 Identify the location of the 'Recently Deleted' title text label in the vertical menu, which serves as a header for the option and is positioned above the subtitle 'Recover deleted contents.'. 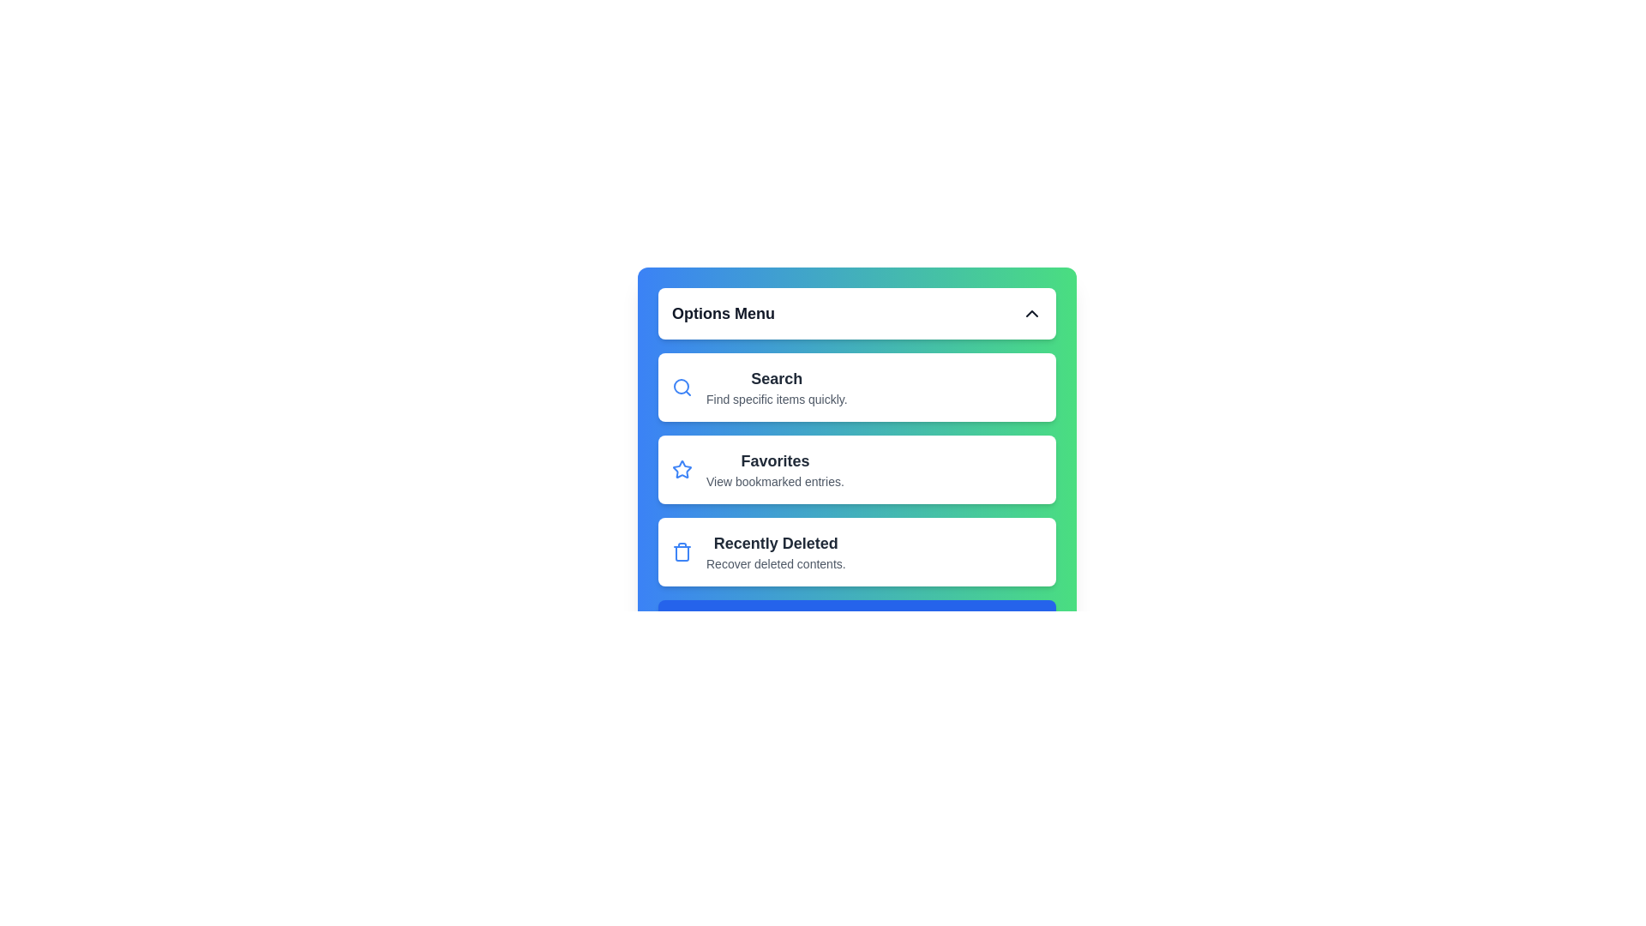
(775, 543).